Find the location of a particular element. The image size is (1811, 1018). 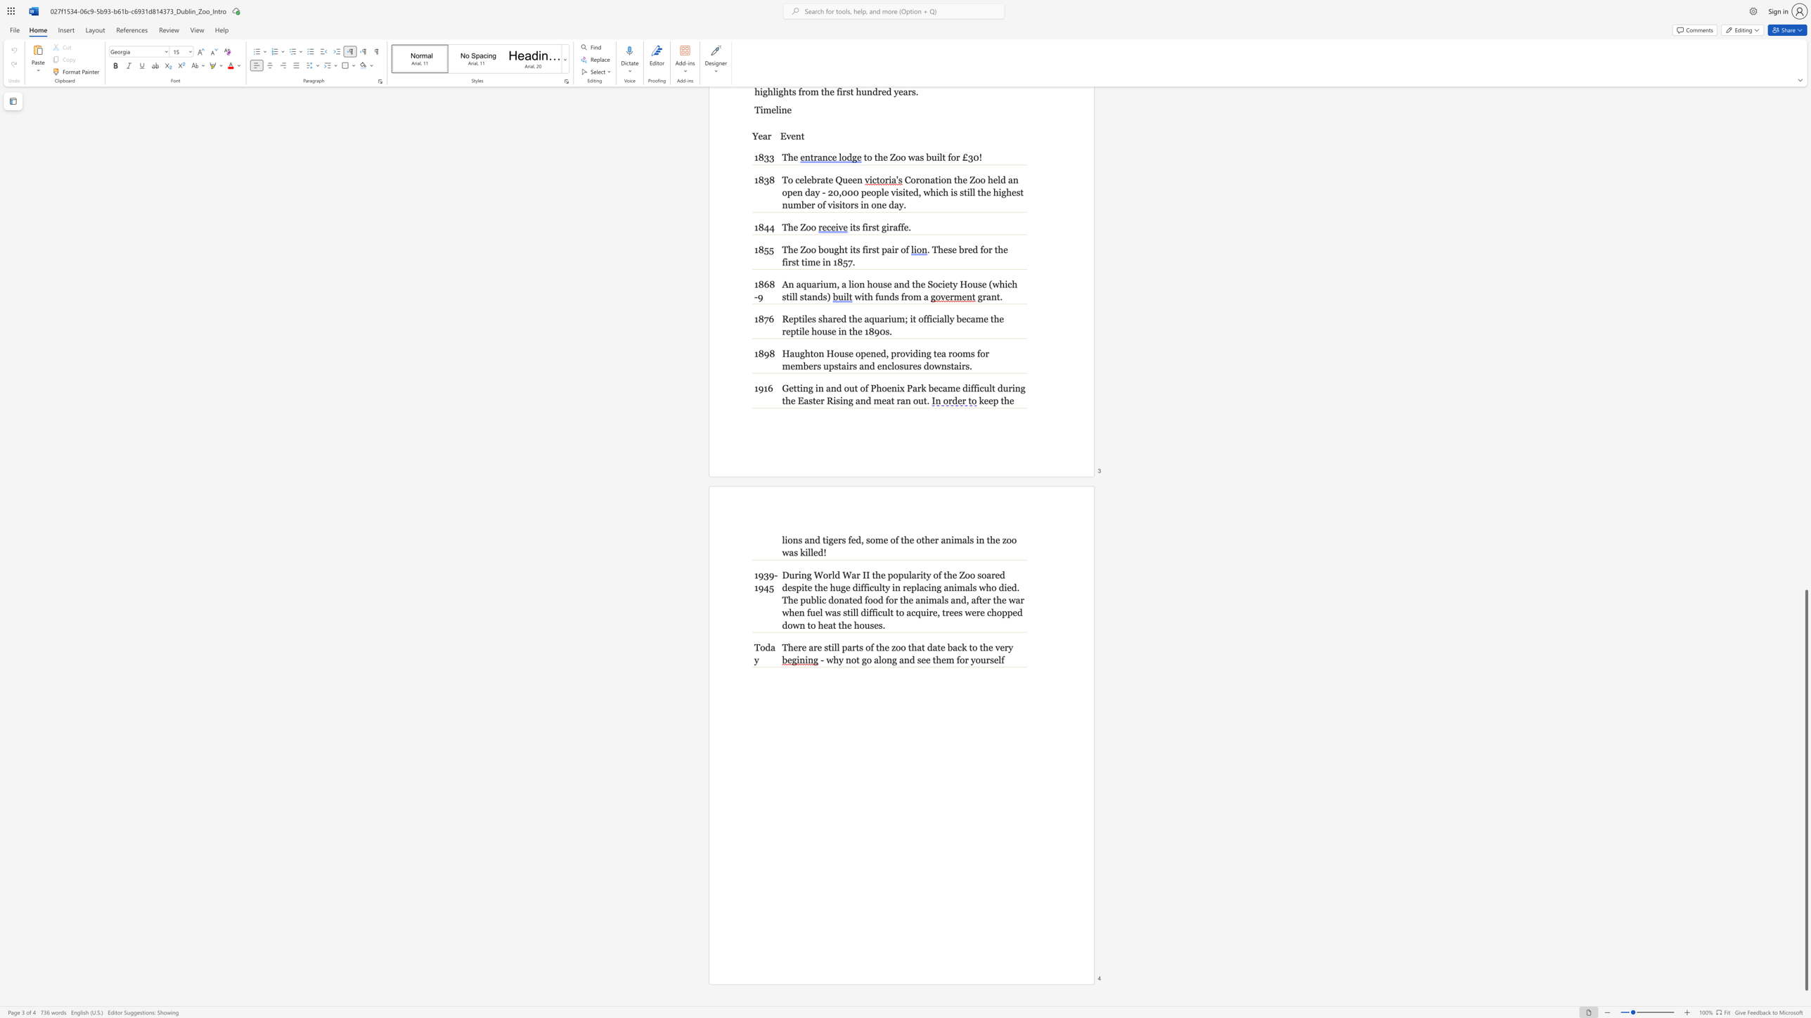

the subset text "the ver" within the text "There are still parts of the zoo that date back to the very" is located at coordinates (979, 646).